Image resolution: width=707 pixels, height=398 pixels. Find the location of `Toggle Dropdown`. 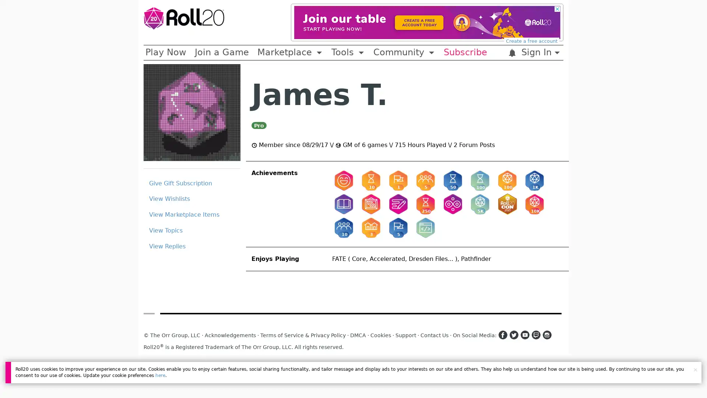

Toggle Dropdown is located at coordinates (319, 52).